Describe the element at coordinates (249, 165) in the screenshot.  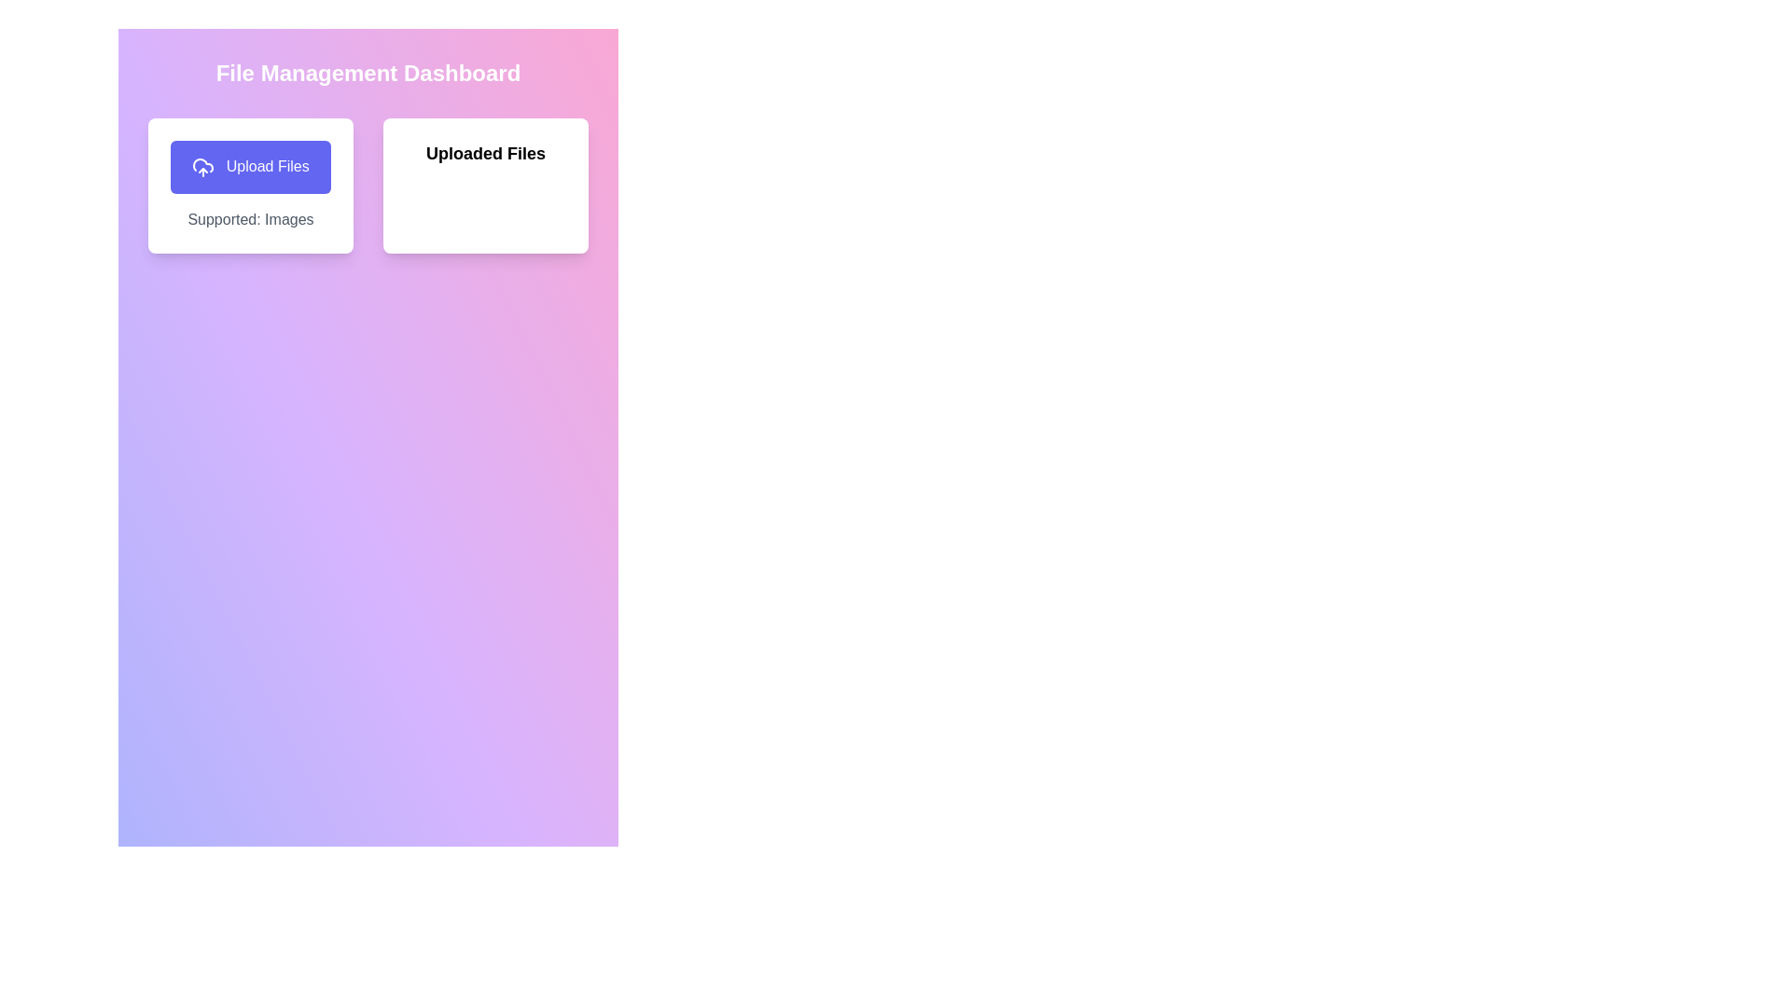
I see `the file upload button located at the top left of the interface, above the 'Supported: Images' text and next to the 'Uploaded Files' card, to initiate a file upload` at that location.